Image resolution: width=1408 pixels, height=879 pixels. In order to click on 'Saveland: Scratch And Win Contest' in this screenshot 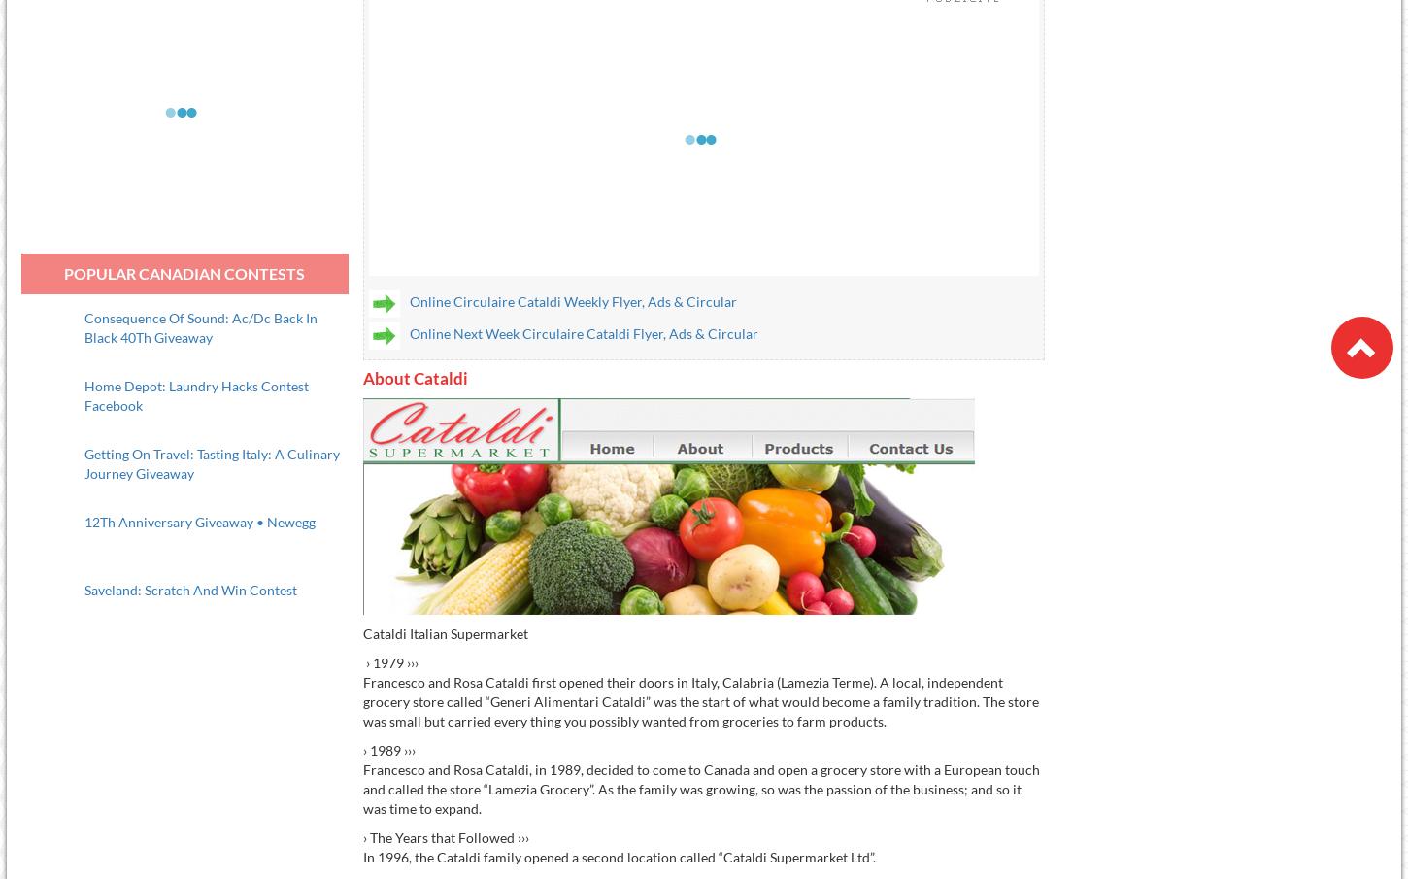, I will do `click(189, 588)`.